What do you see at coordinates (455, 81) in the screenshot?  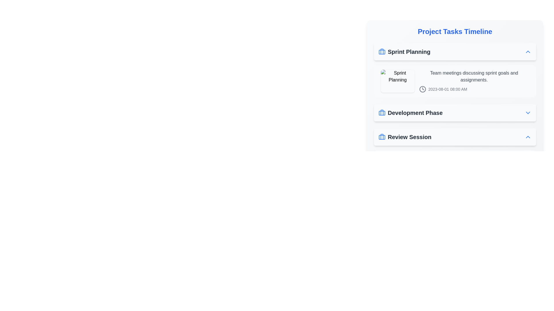 I see `the first informational card under the 'Sprint Planning' section in the 'Project Tasks Timeline' interface` at bounding box center [455, 81].